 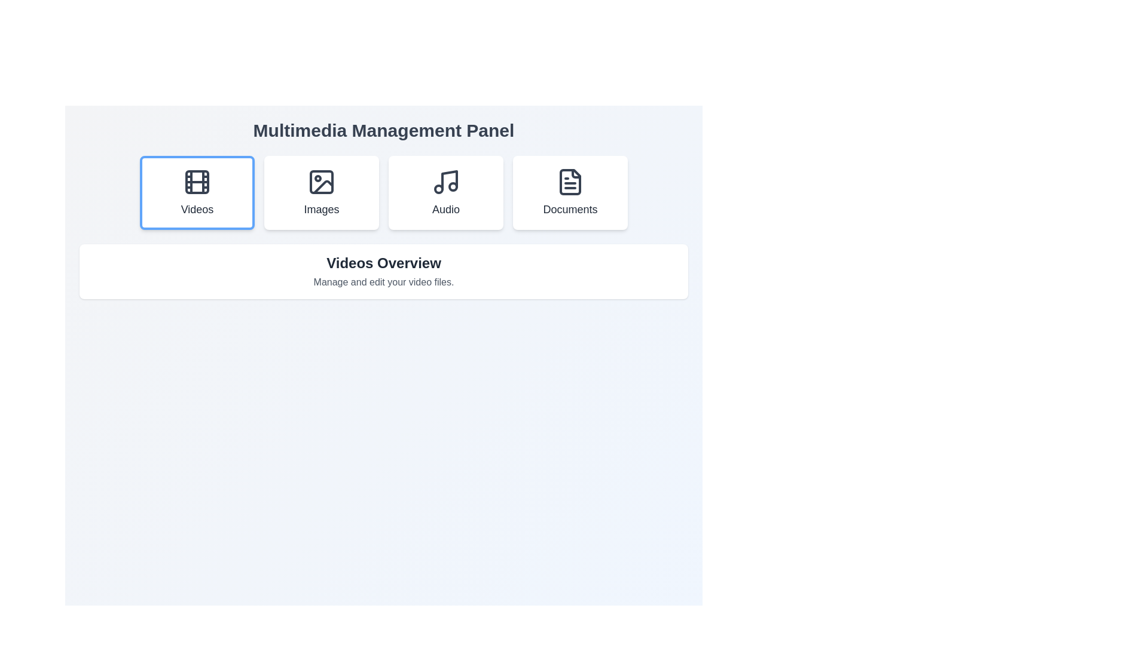 I want to click on the musical note icon, which is a dark gray icon centered within the 'Audio' card, positioned above the text label 'Audio', so click(x=445, y=182).